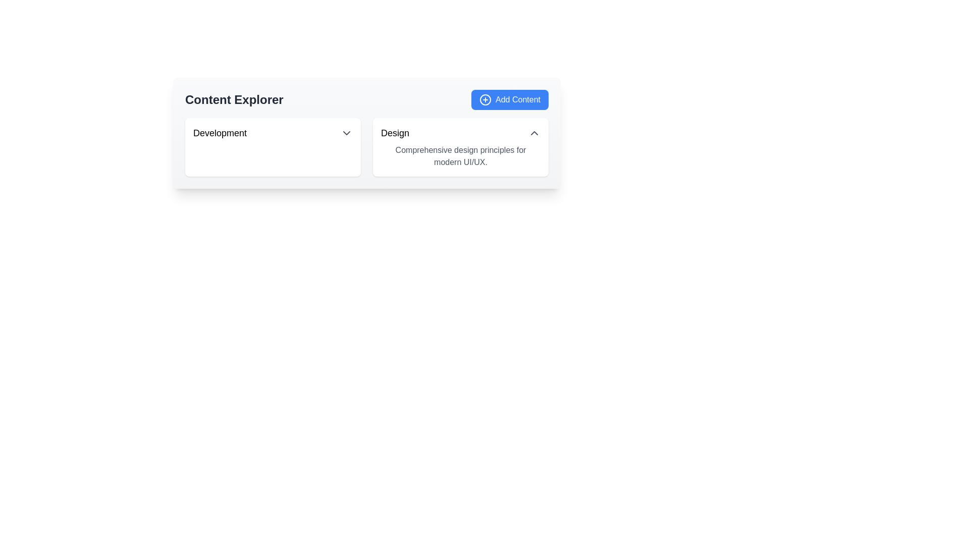 This screenshot has height=545, width=969. I want to click on the upward-pointing chevron icon toggle in the panel header labeled 'Design', so click(534, 132).